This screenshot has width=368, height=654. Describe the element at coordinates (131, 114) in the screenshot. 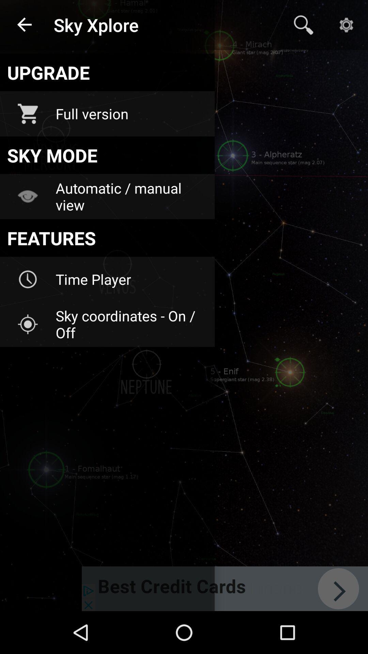

I see `the icon below upgrade icon` at that location.